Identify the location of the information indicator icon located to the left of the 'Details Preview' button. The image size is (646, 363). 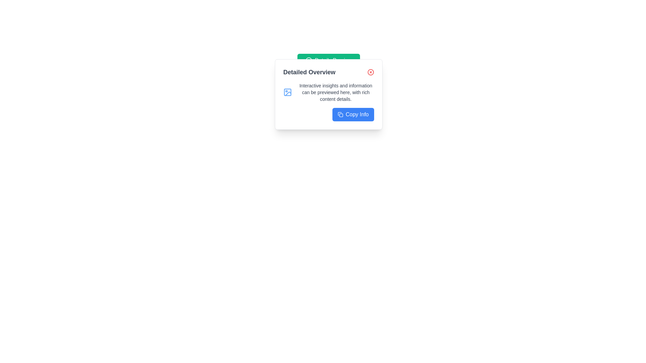
(308, 61).